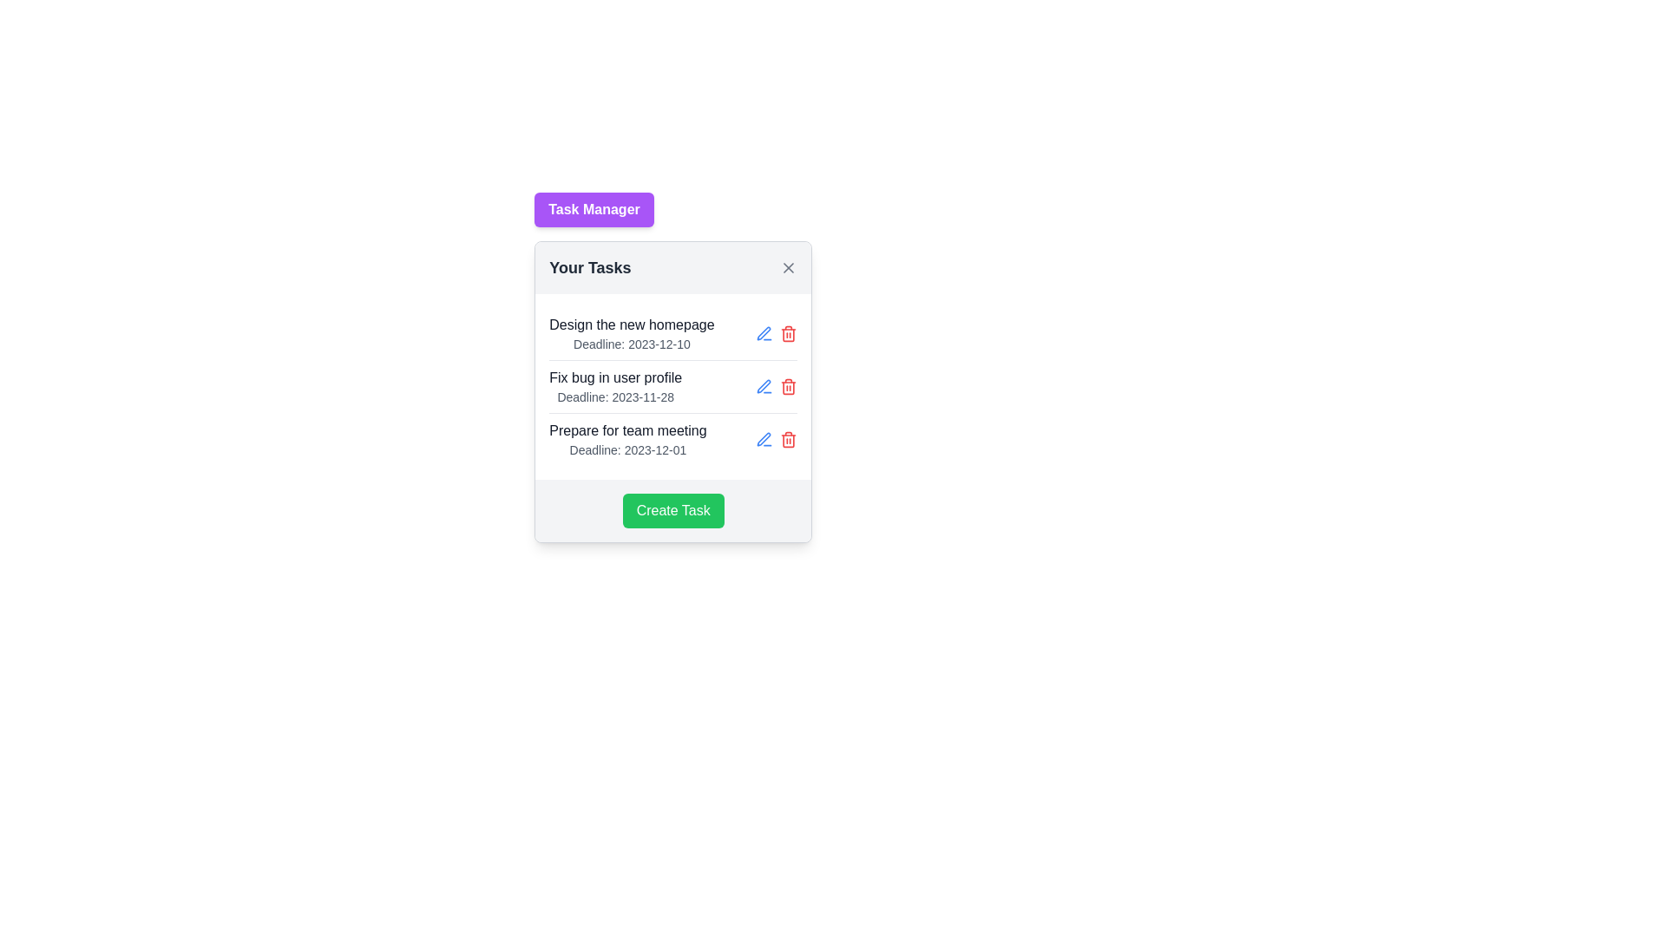  Describe the element at coordinates (615, 377) in the screenshot. I see `the text displaying 'Fix bug in user profile' which is located in the second task entry of the 'Your Tasks' section` at that location.